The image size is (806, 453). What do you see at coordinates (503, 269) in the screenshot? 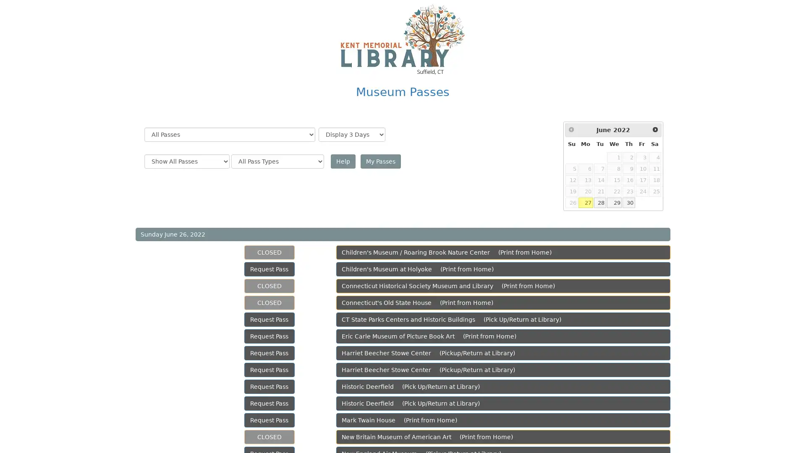
I see `Children's Museum at Holyoke     (Print from Home)` at bounding box center [503, 269].